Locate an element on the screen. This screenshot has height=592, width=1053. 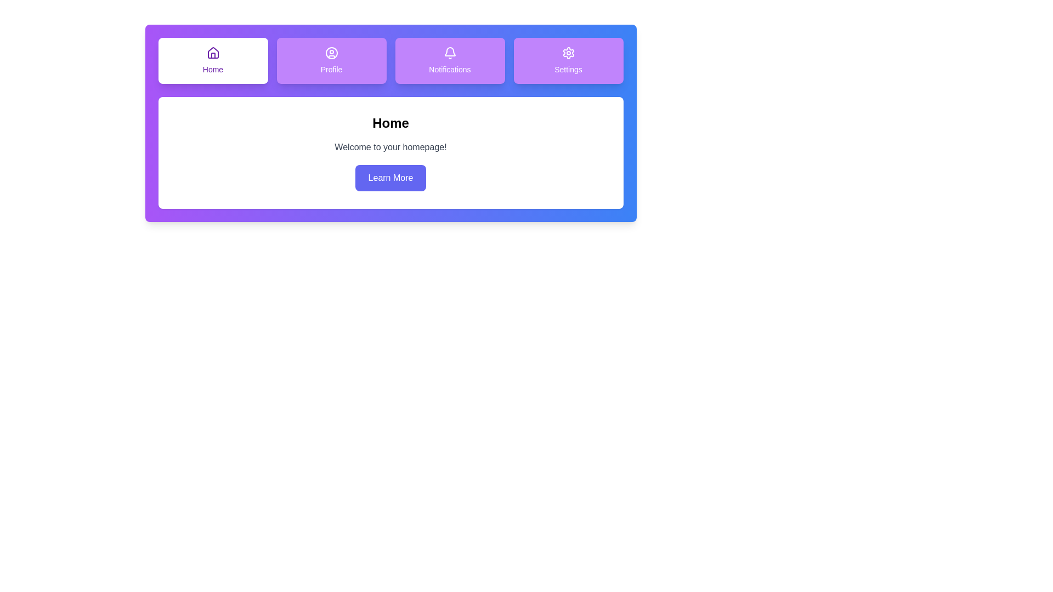
the Notifications tab by clicking on it is located at coordinates (450, 61).